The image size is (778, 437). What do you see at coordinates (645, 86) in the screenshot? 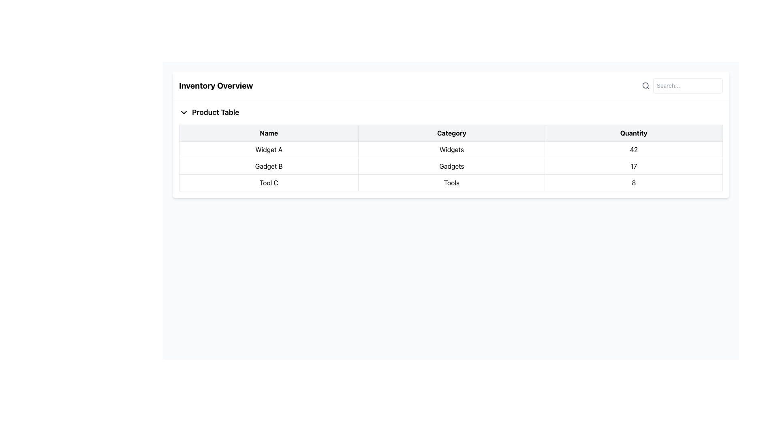
I see `the modern line-art styled search icon located to the left of the text input field labeled 'Search...'` at bounding box center [645, 86].